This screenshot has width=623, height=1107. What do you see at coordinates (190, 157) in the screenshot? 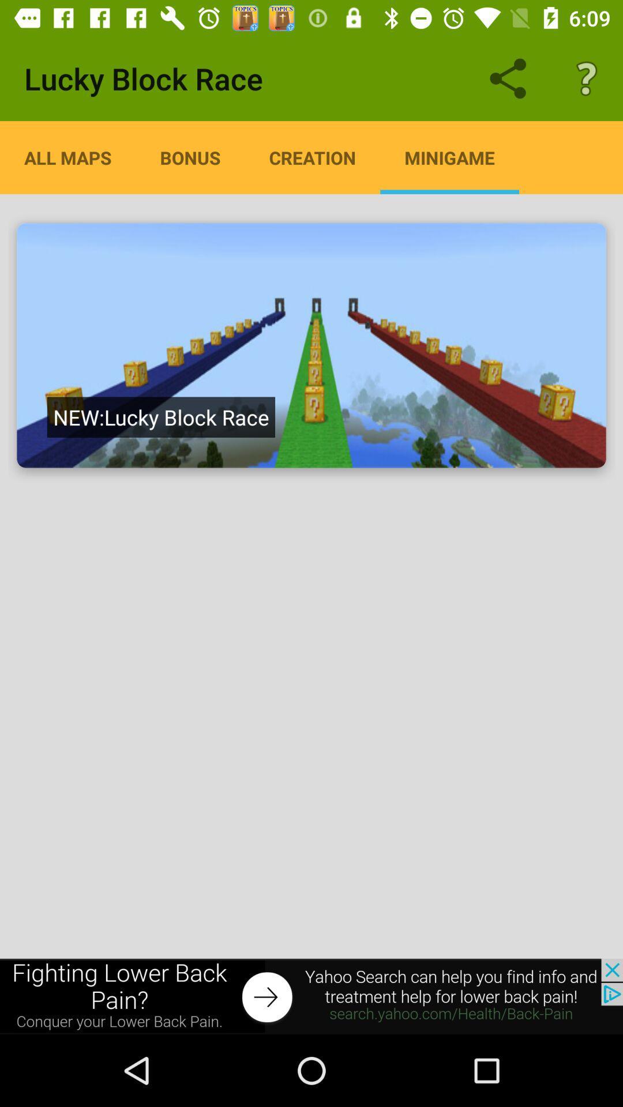
I see `the button beside all maps` at bounding box center [190, 157].